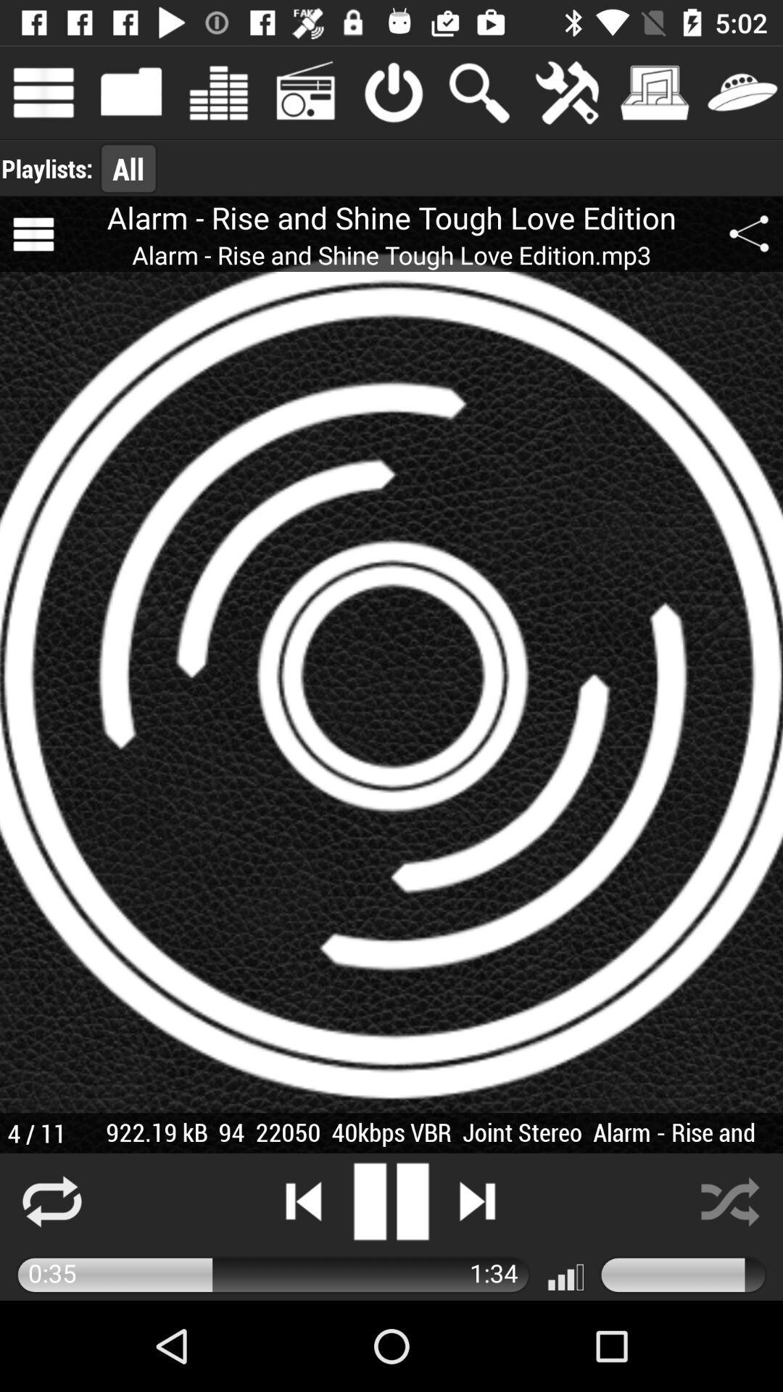 This screenshot has height=1392, width=783. Describe the element at coordinates (46, 168) in the screenshot. I see `the item next to   all   item` at that location.